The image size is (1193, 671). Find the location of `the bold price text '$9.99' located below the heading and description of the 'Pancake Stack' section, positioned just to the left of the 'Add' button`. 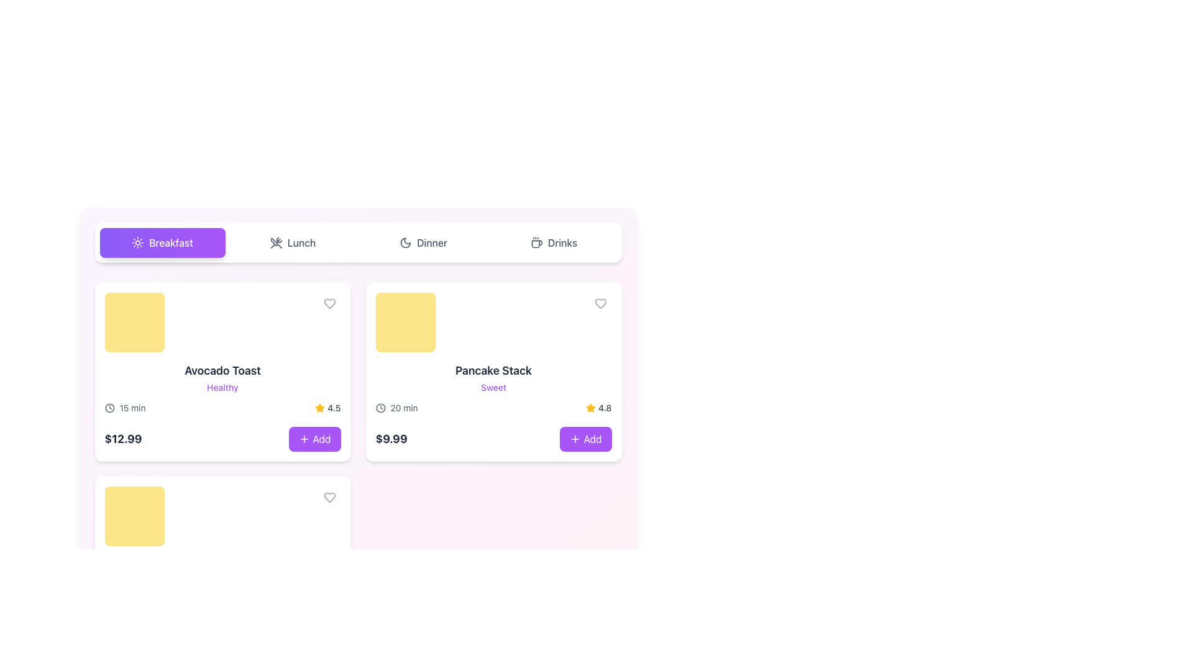

the bold price text '$9.99' located below the heading and description of the 'Pancake Stack' section, positioned just to the left of the 'Add' button is located at coordinates (391, 438).